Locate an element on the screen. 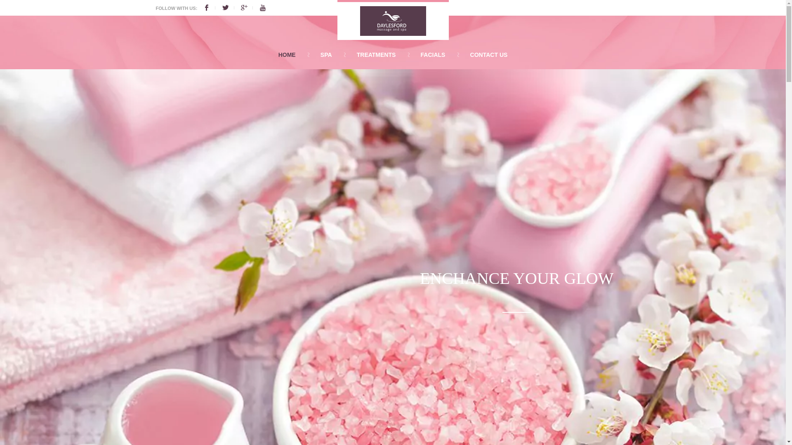  'SPA' is located at coordinates (326, 54).